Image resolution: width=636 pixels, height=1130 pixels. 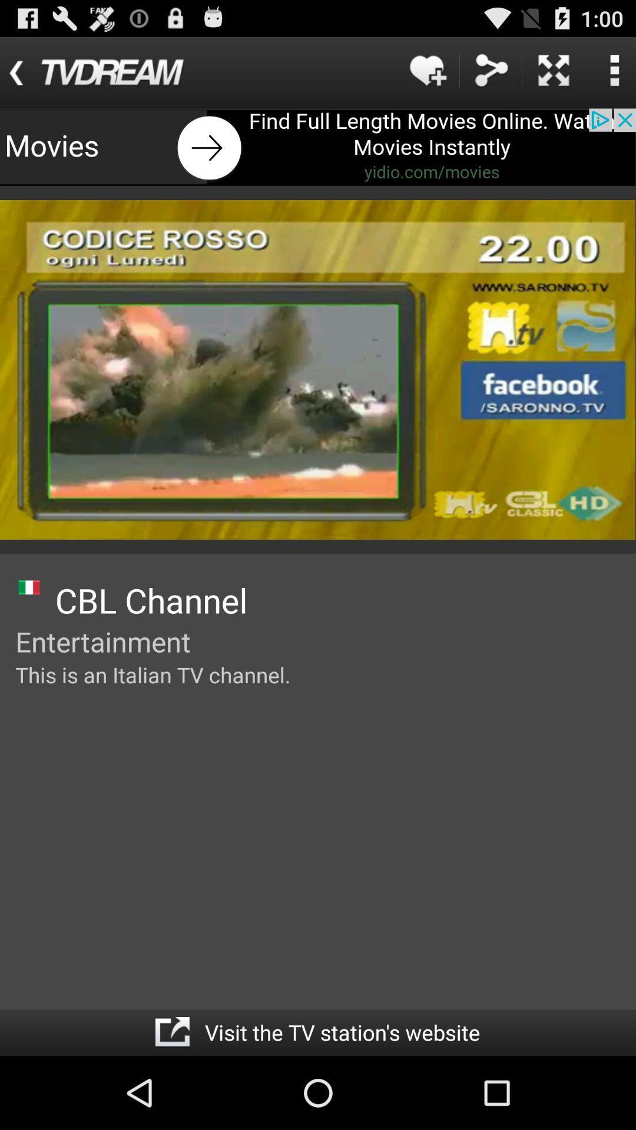 I want to click on show the menu, so click(x=614, y=69).